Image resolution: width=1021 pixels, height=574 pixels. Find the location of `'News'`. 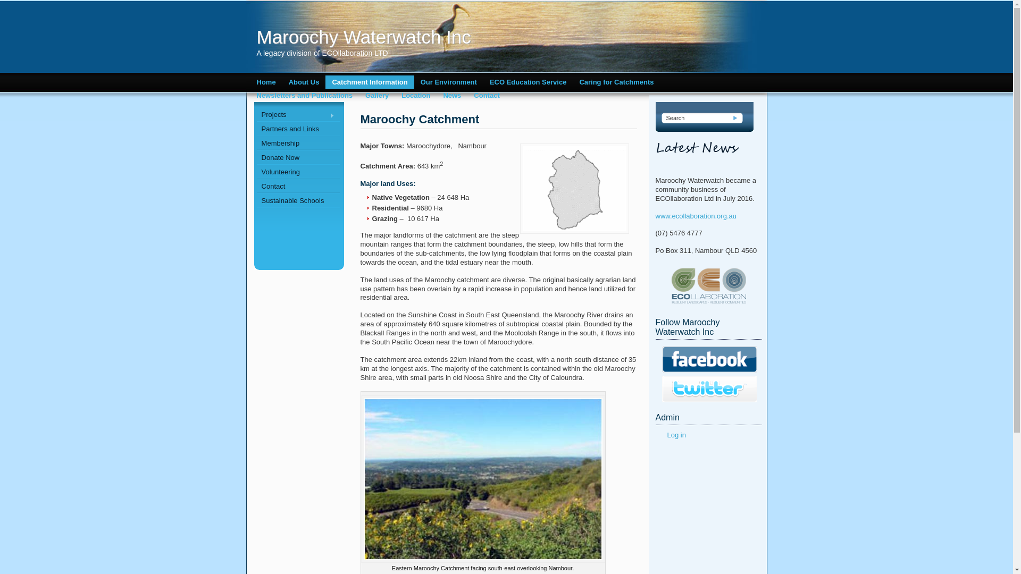

'News' is located at coordinates (451, 95).